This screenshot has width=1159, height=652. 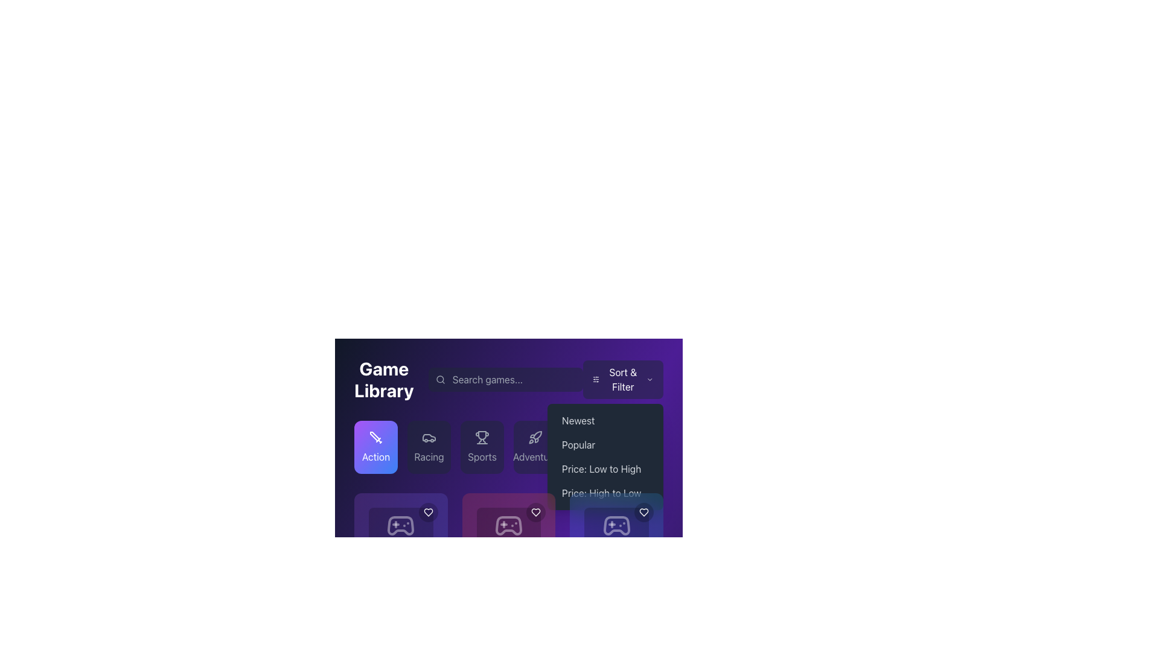 What do you see at coordinates (643, 512) in the screenshot?
I see `the favorite or like icon located at the bottom-right of the interface, just under the dropdown sorting menu` at bounding box center [643, 512].